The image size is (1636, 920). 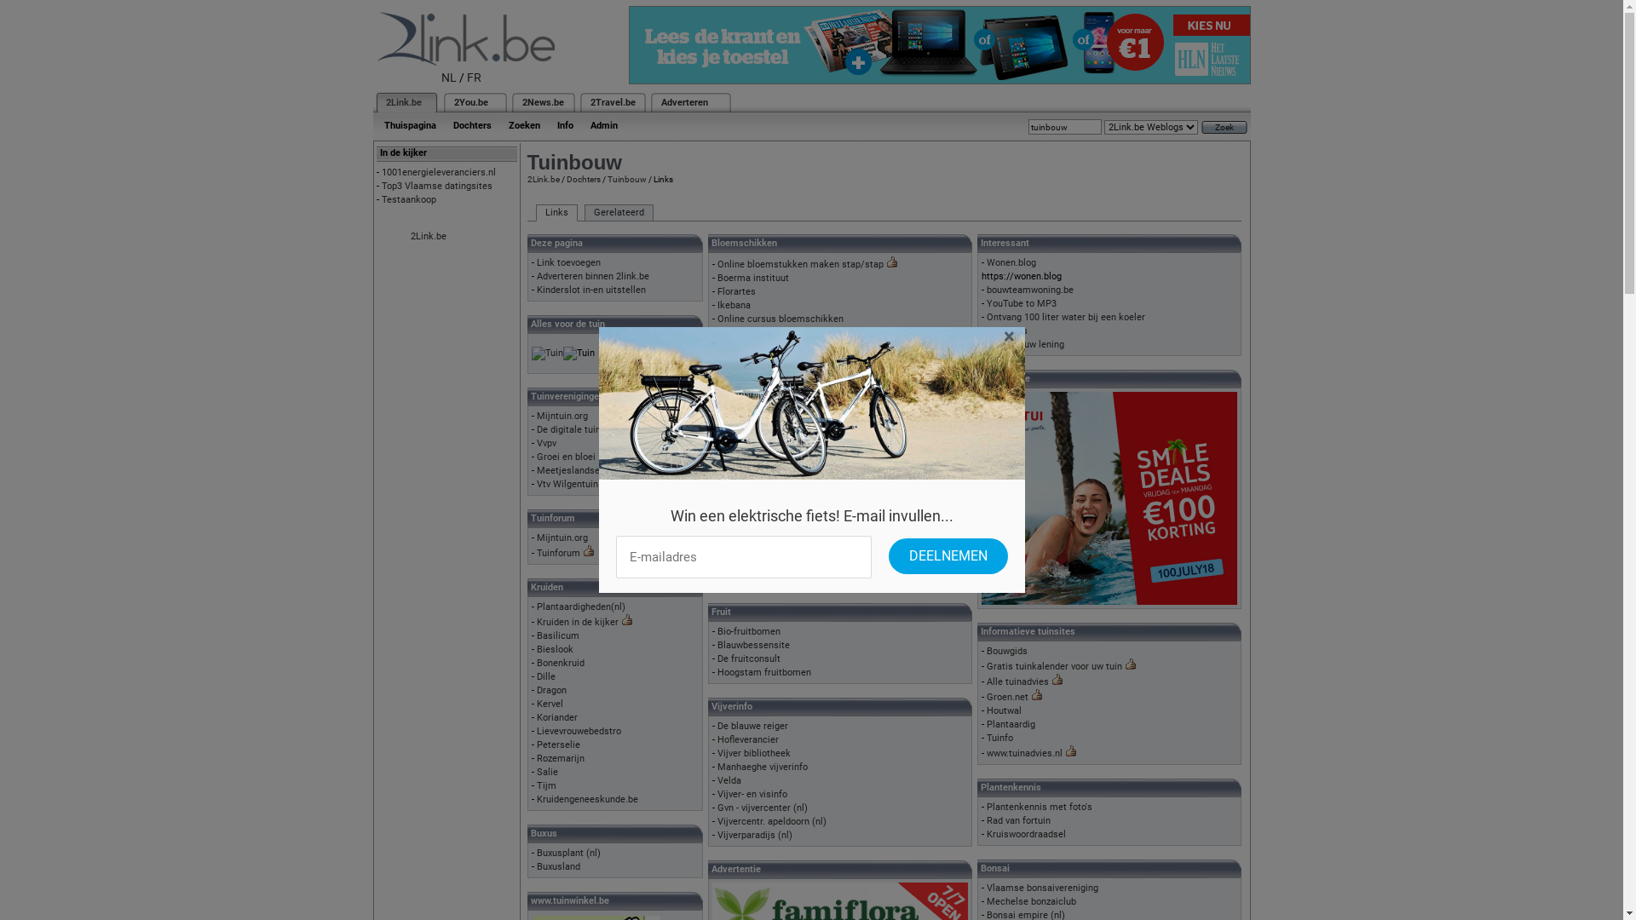 What do you see at coordinates (568, 262) in the screenshot?
I see `'Link toevoegen'` at bounding box center [568, 262].